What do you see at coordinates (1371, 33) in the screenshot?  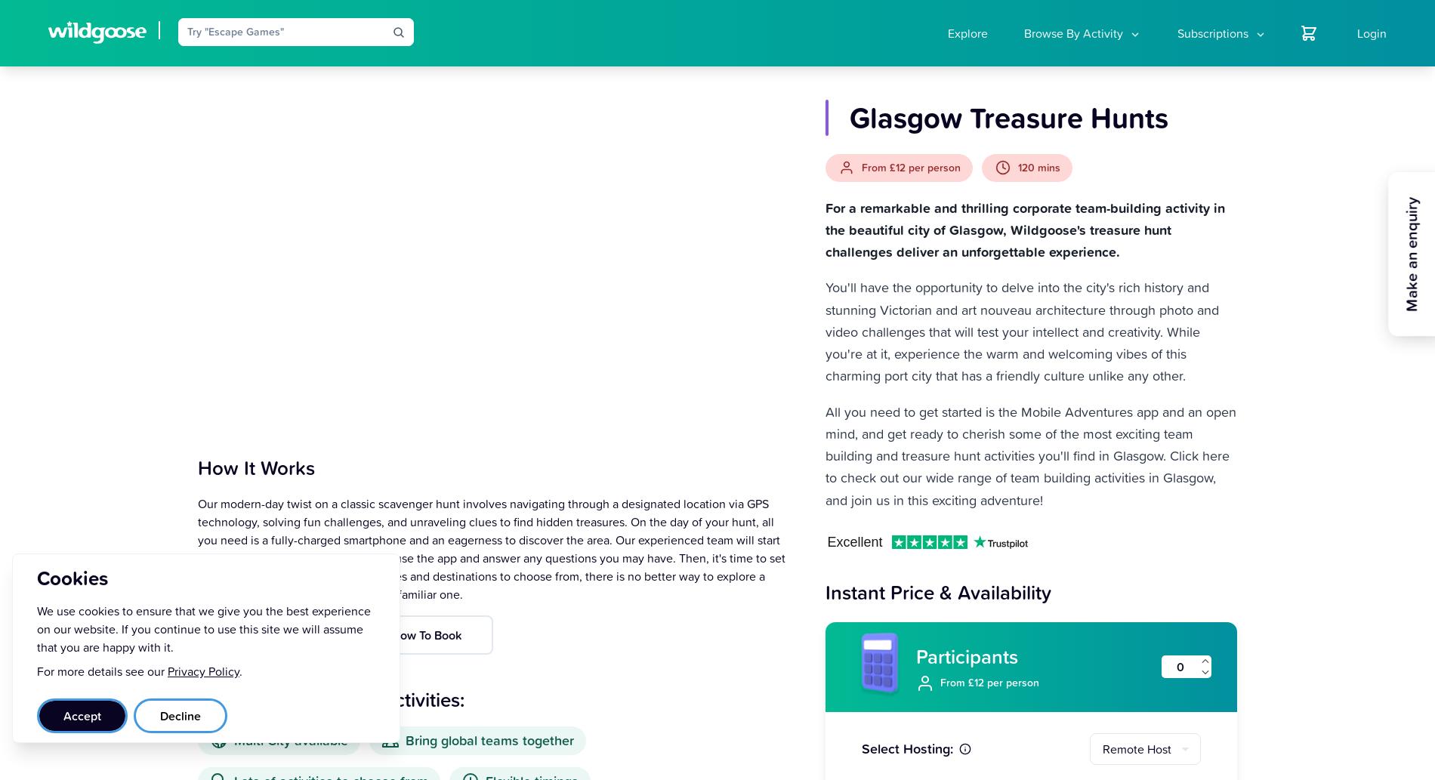 I see `'Login'` at bounding box center [1371, 33].